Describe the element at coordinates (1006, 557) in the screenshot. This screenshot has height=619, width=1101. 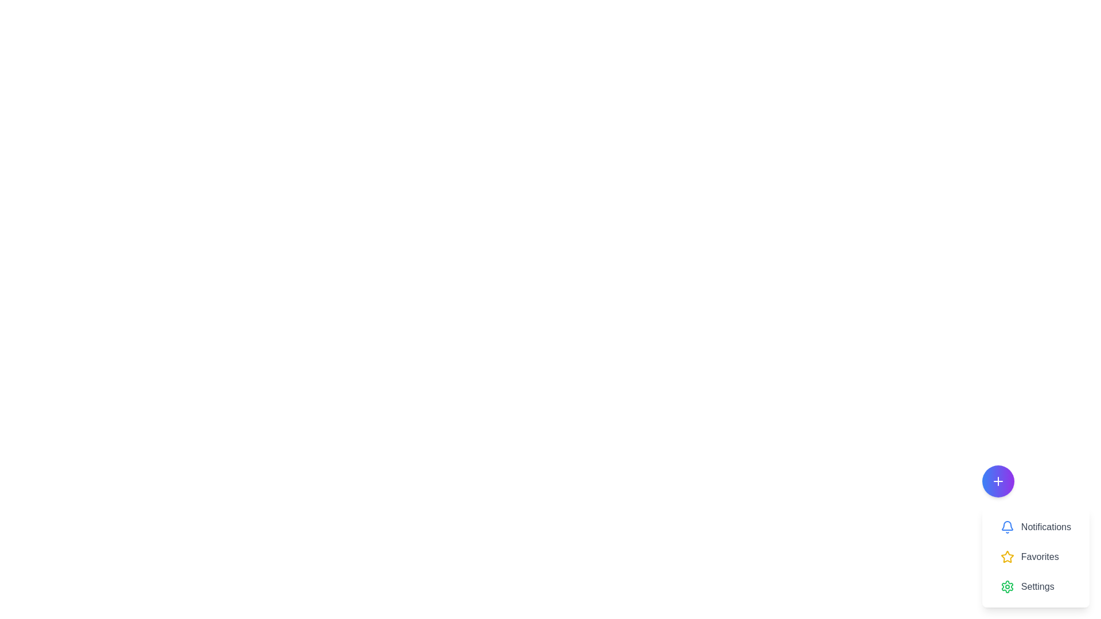
I see `the star icon representing the 'Favorites' action` at that location.